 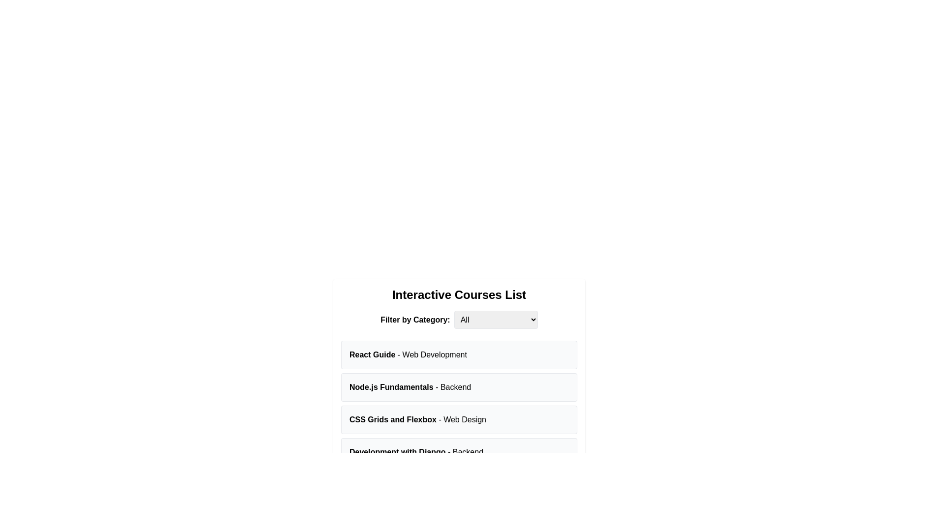 What do you see at coordinates (458, 452) in the screenshot?
I see `the course topic labeled 'Development with Django - Backend' which is the fourth item in the list of course topics` at bounding box center [458, 452].